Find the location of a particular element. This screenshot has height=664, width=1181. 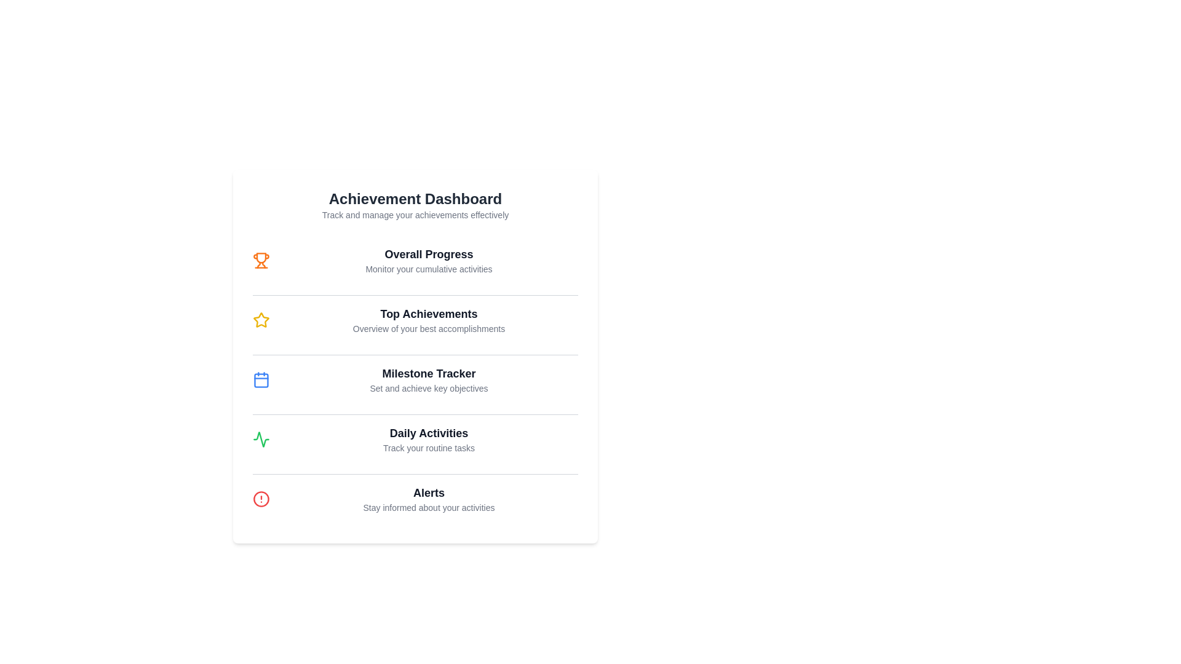

text of the 'Milestone Tracker' label, which includes the title and subtitle, located in the Achievement Dashboard card, positioned below 'Top Achievements' and above 'Daily Activities' is located at coordinates (429, 379).